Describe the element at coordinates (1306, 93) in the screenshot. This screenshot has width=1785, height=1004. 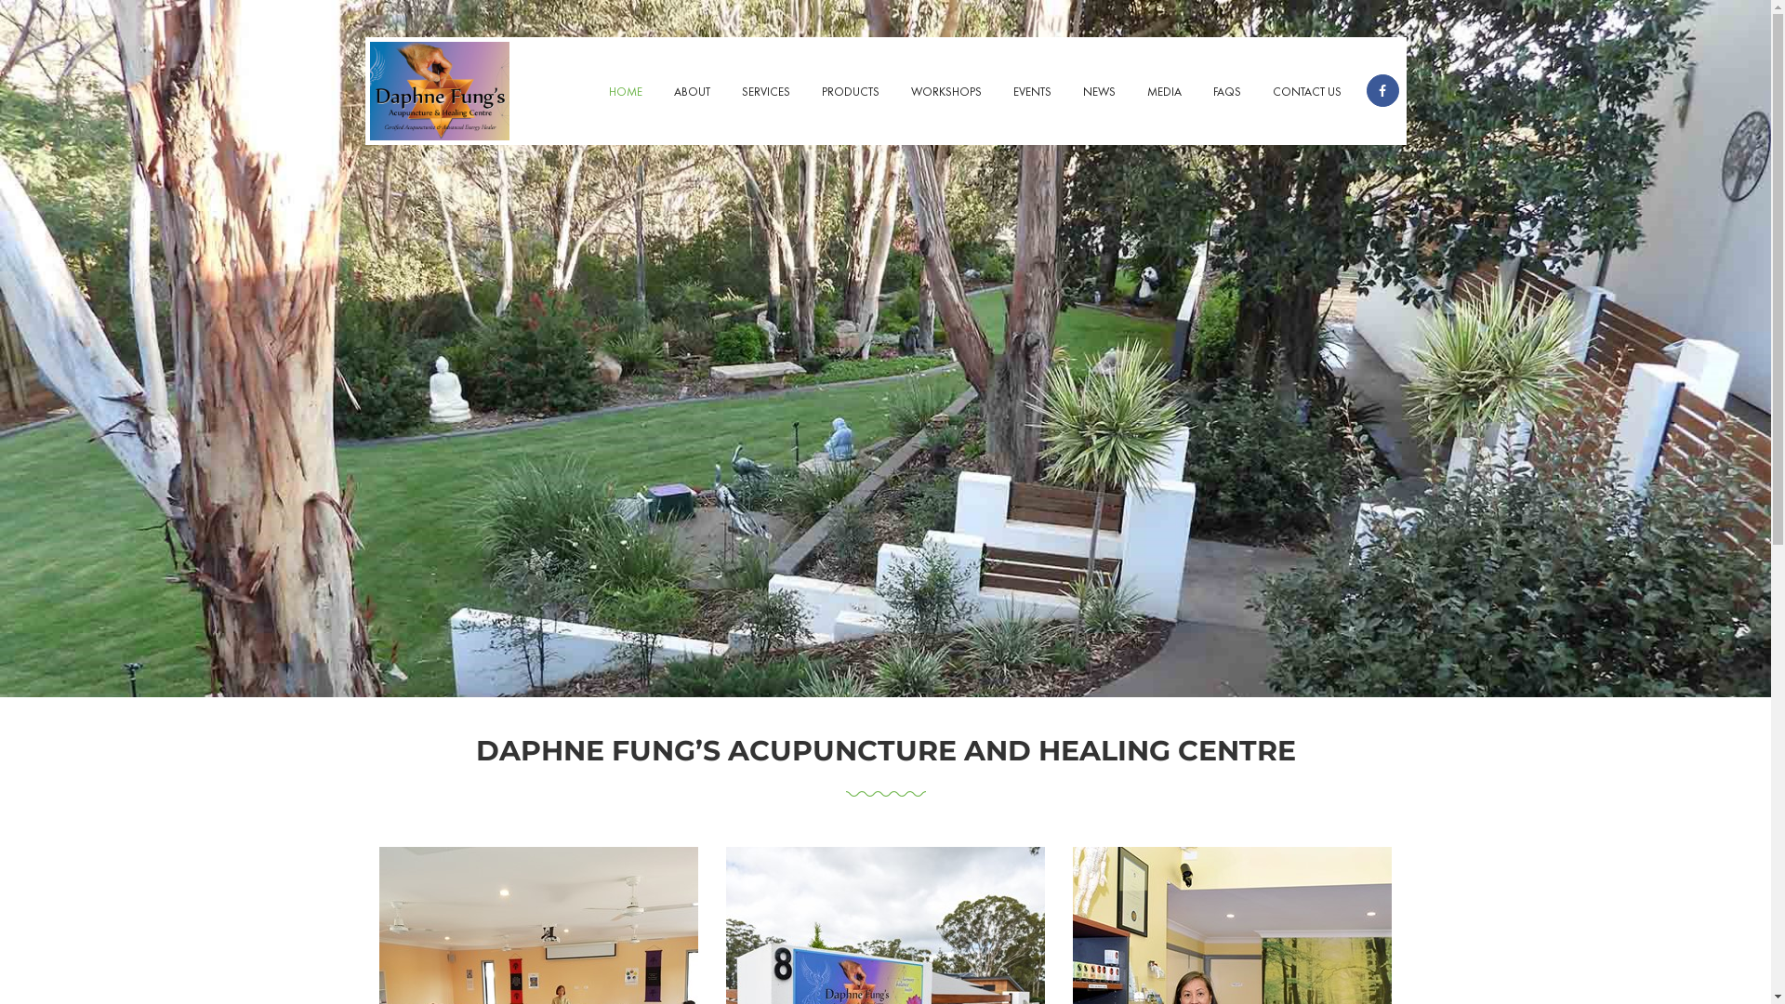
I see `'CONTACT US'` at that location.